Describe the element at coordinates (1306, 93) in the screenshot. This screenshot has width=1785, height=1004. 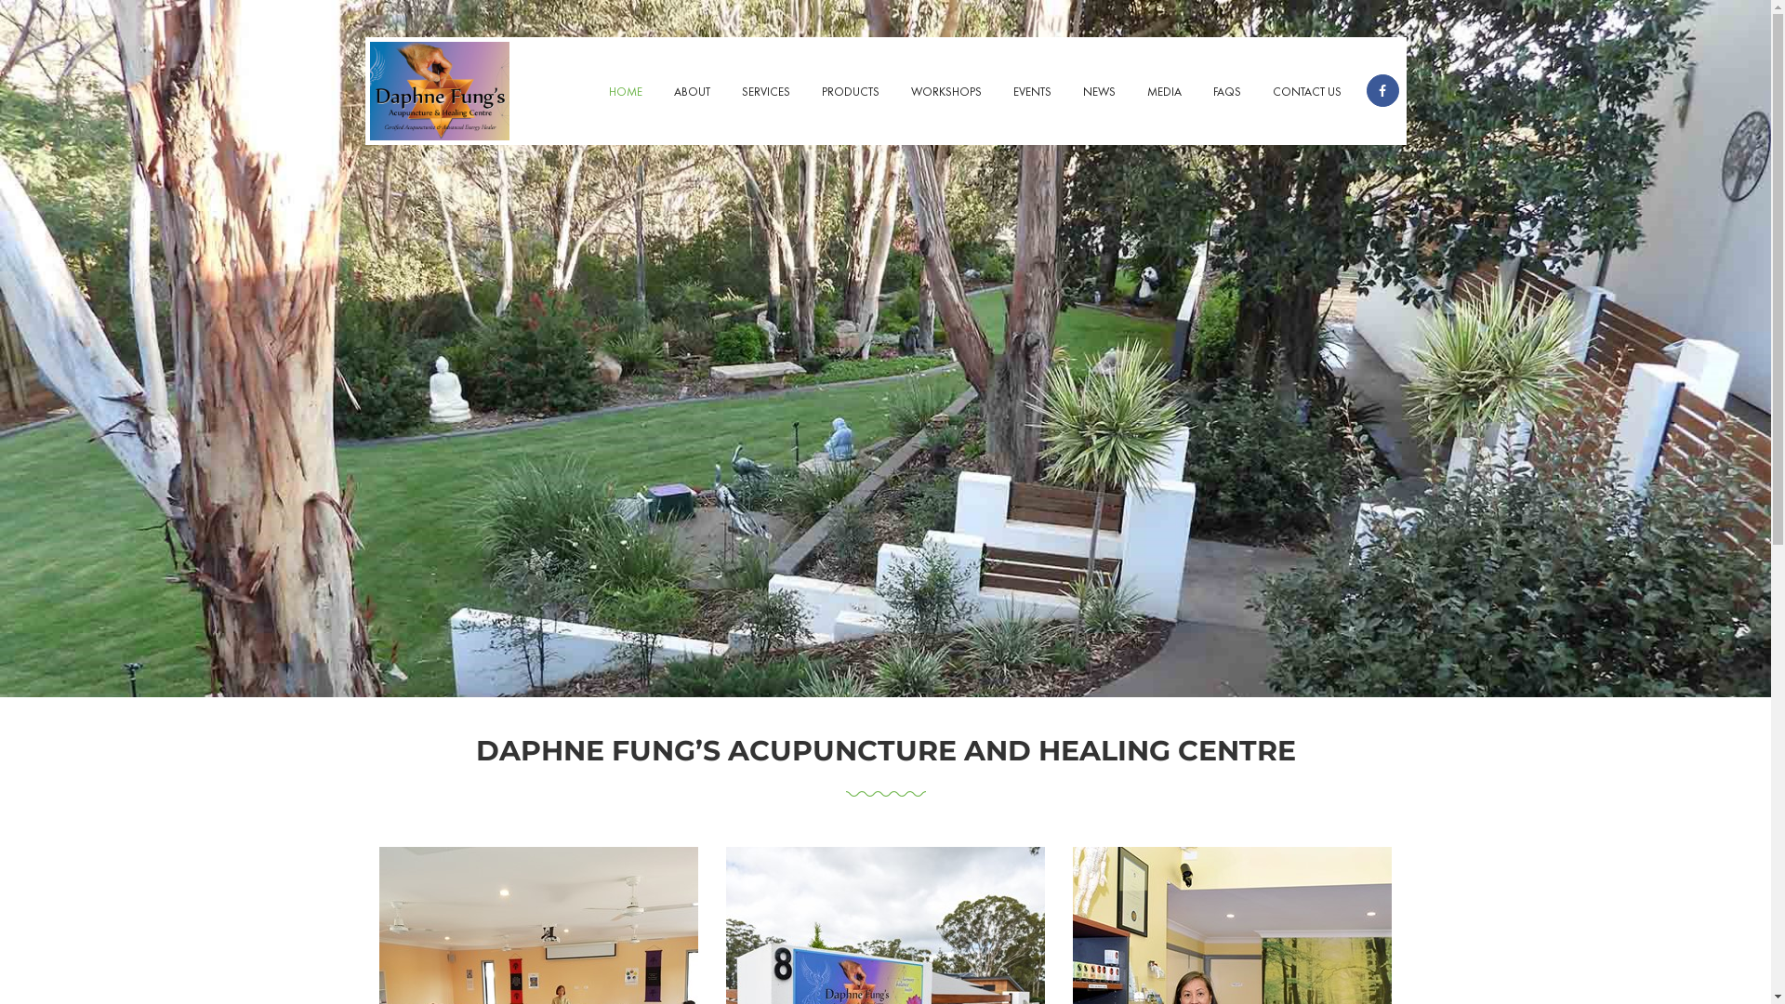
I see `'CONTACT US'` at that location.